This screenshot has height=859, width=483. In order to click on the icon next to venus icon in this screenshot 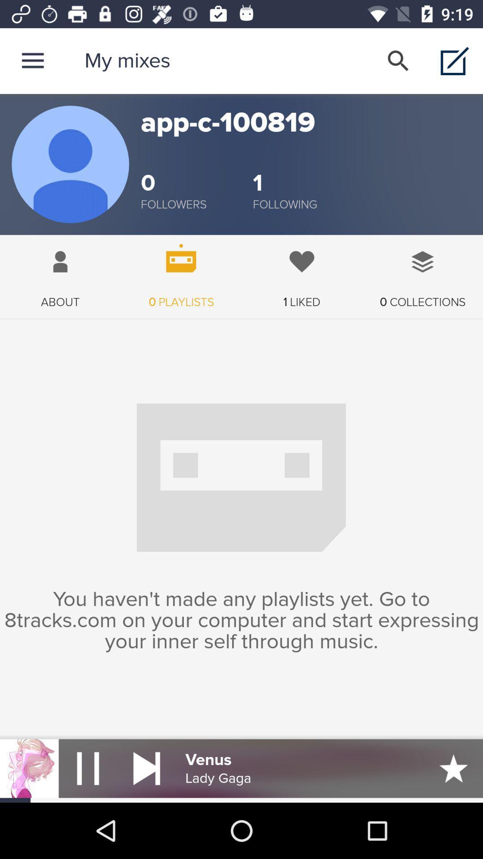, I will do `click(146, 768)`.